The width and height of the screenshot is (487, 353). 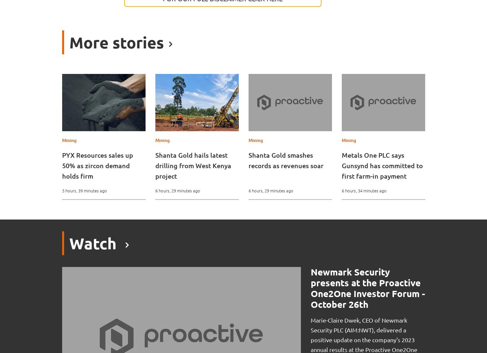 What do you see at coordinates (193, 166) in the screenshot?
I see `'Shanta Gold hails latest drilling from West Kenya project'` at bounding box center [193, 166].